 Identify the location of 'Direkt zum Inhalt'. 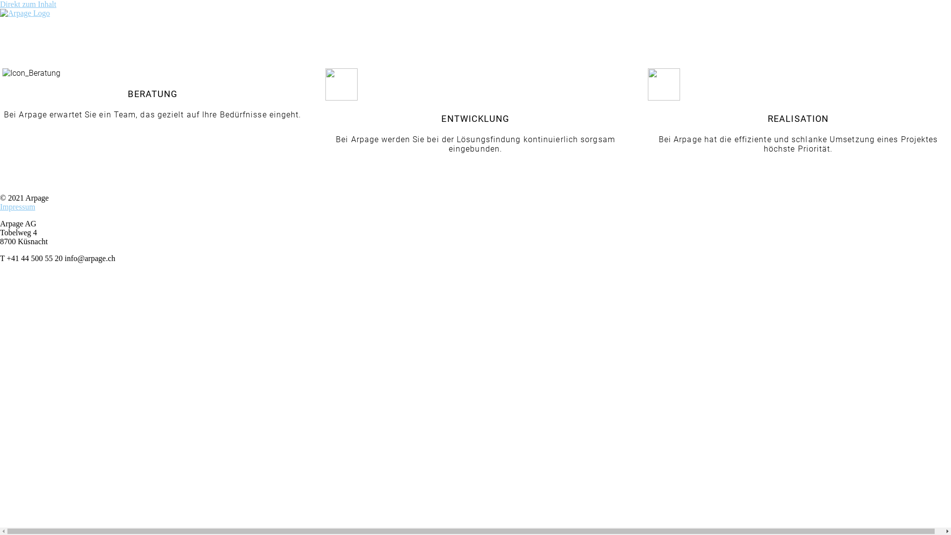
(28, 4).